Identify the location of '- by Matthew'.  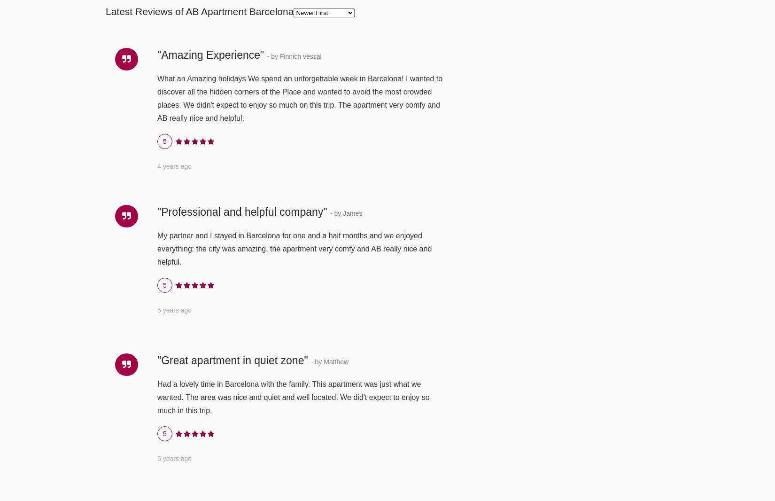
(310, 361).